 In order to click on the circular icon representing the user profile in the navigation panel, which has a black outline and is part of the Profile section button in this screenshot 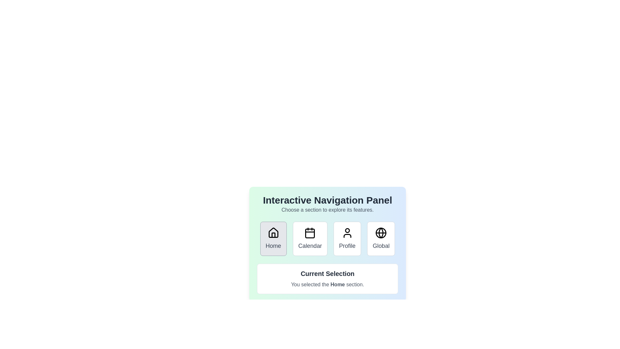, I will do `click(347, 230)`.